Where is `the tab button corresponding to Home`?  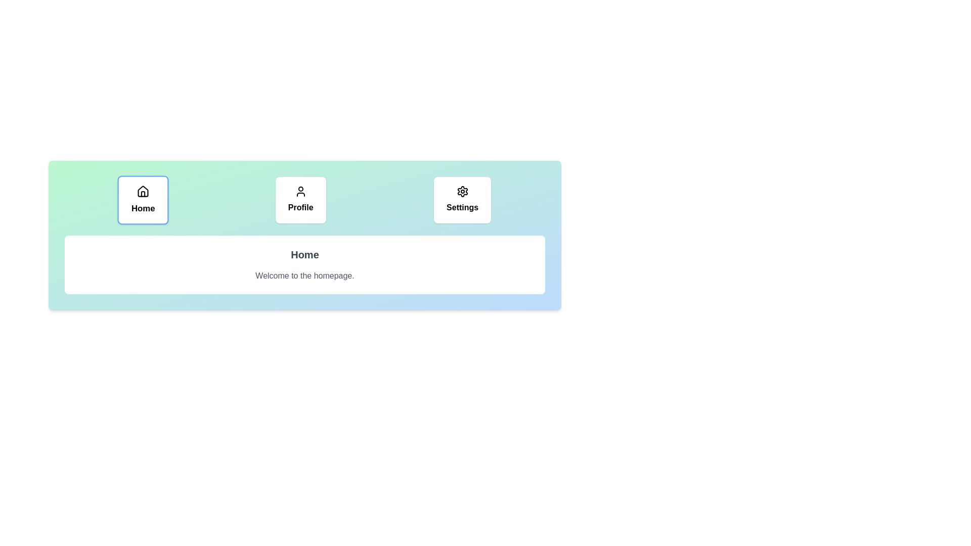
the tab button corresponding to Home is located at coordinates (143, 200).